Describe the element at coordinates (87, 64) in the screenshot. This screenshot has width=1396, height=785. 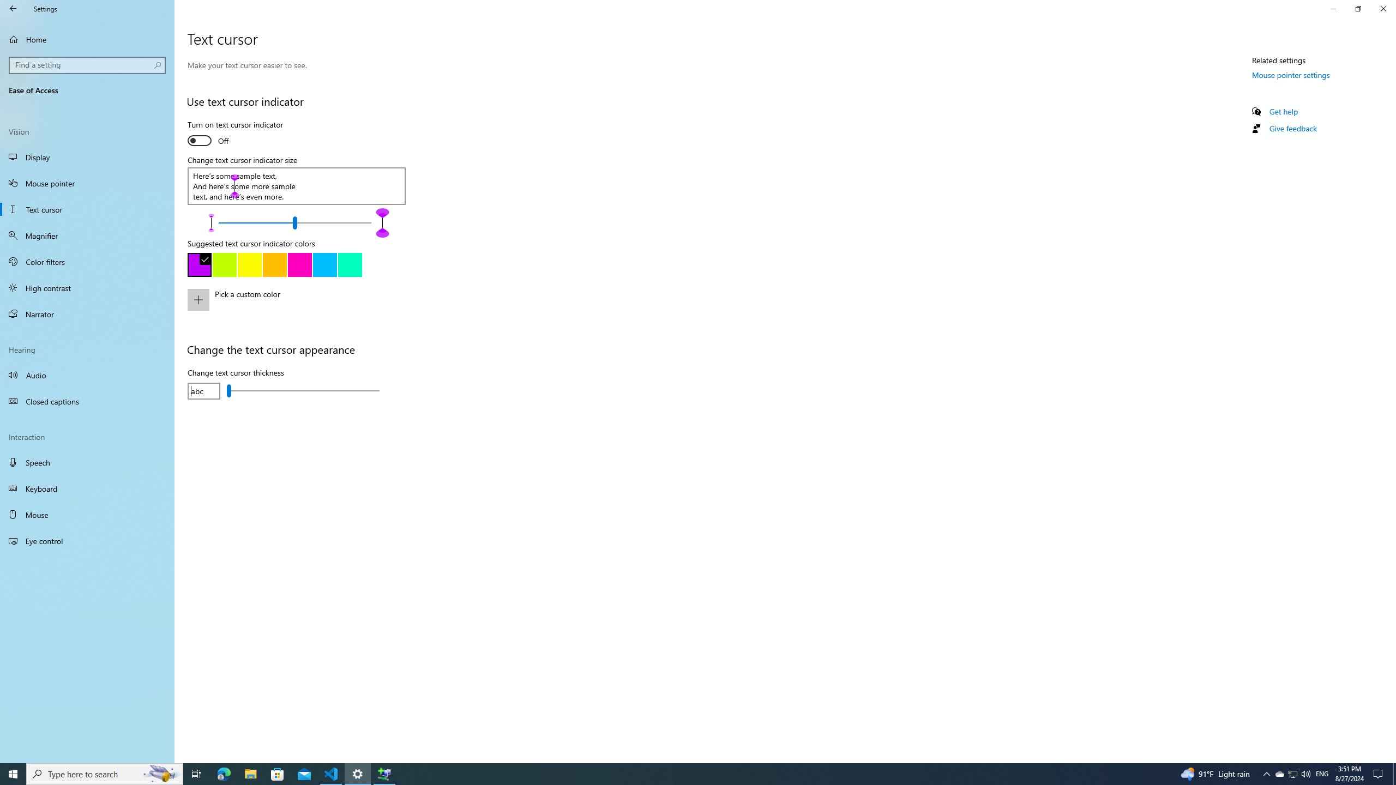
I see `'Search box, Find a setting'` at that location.